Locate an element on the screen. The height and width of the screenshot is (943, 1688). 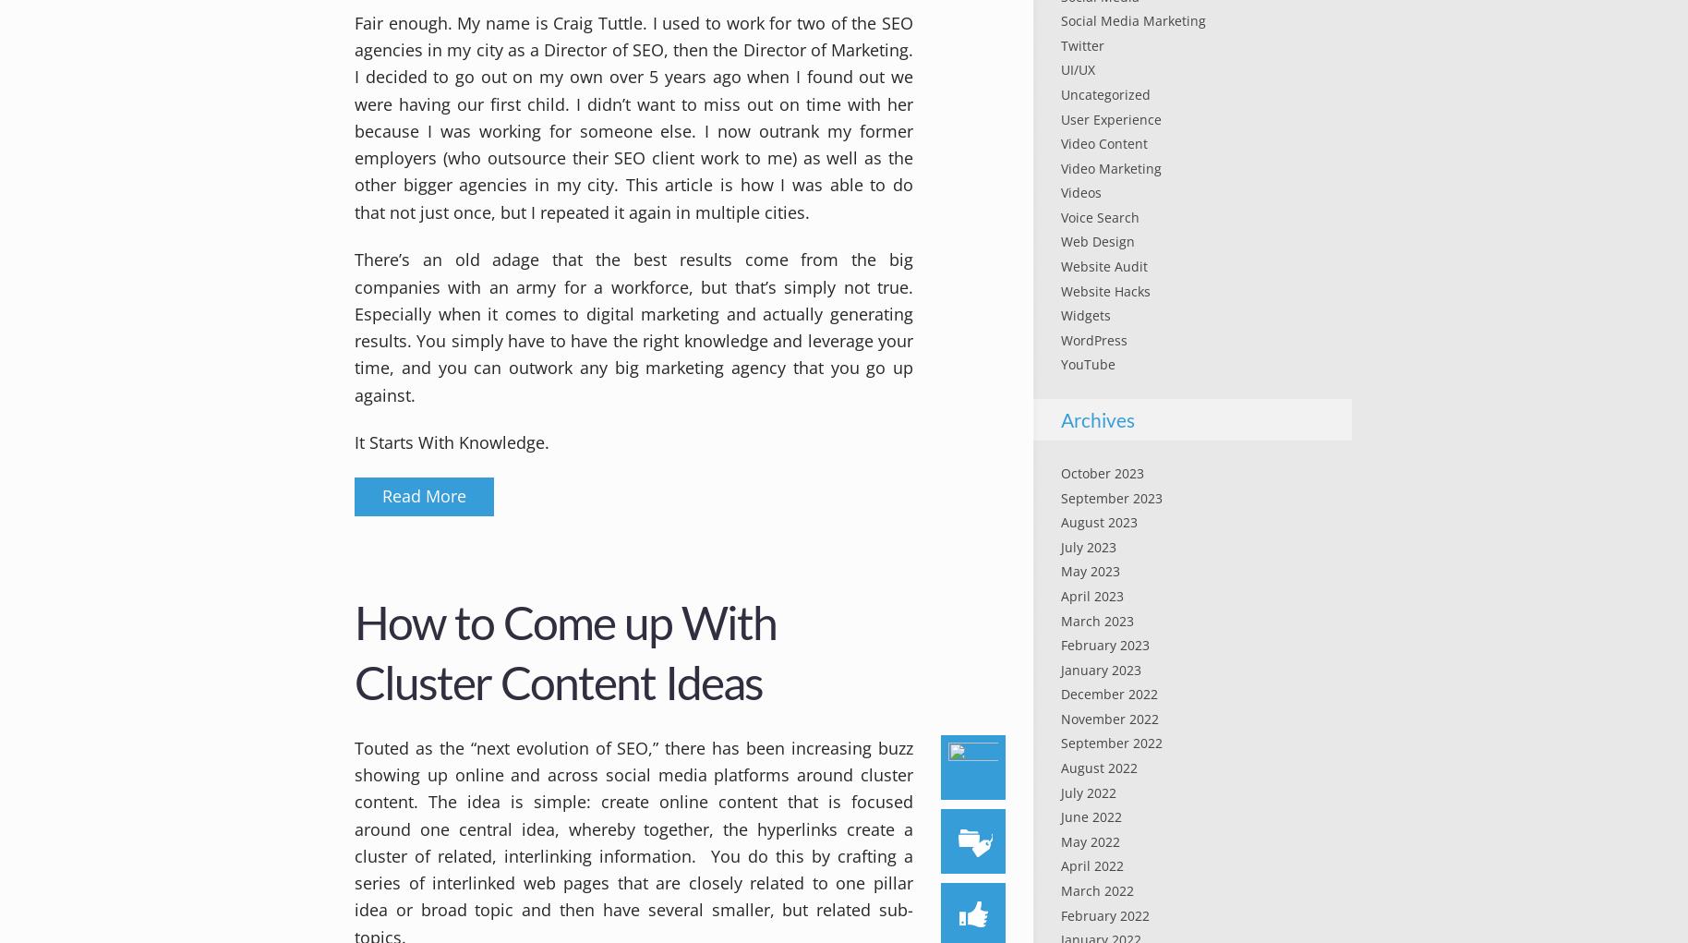
'April 2022' is located at coordinates (1091, 865).